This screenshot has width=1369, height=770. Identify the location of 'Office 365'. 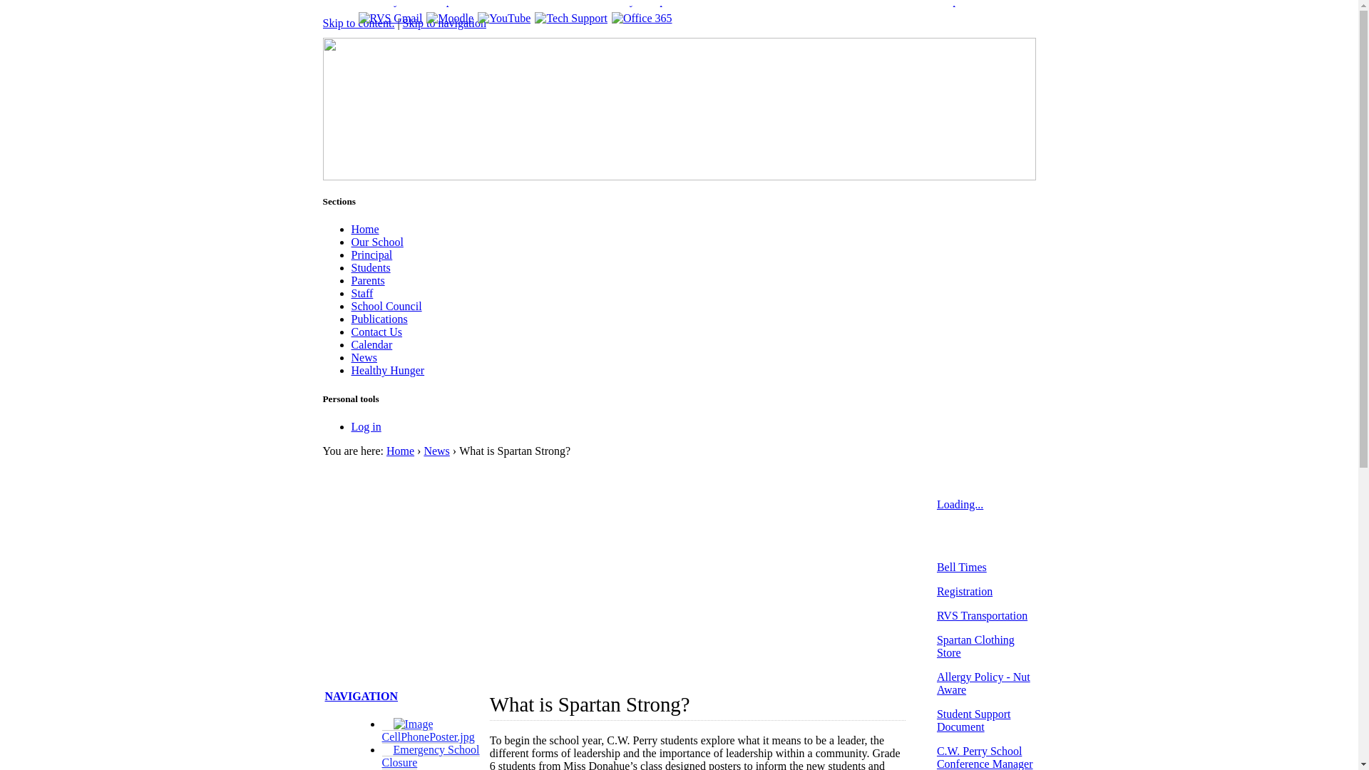
(641, 18).